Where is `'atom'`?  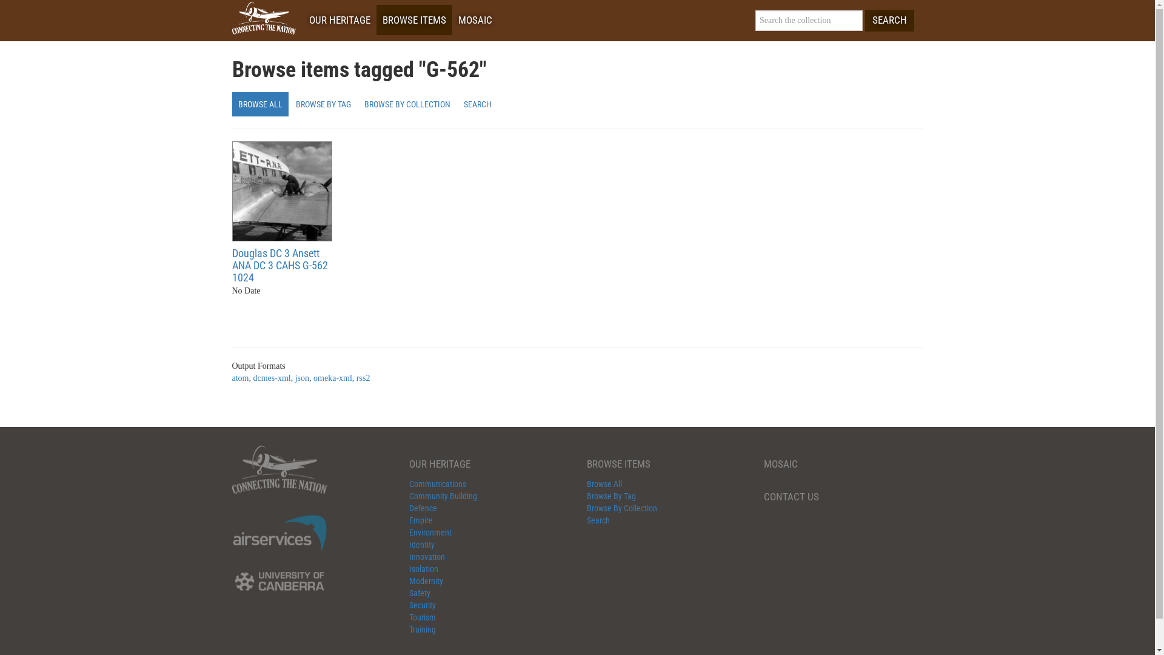 'atom' is located at coordinates (239, 377).